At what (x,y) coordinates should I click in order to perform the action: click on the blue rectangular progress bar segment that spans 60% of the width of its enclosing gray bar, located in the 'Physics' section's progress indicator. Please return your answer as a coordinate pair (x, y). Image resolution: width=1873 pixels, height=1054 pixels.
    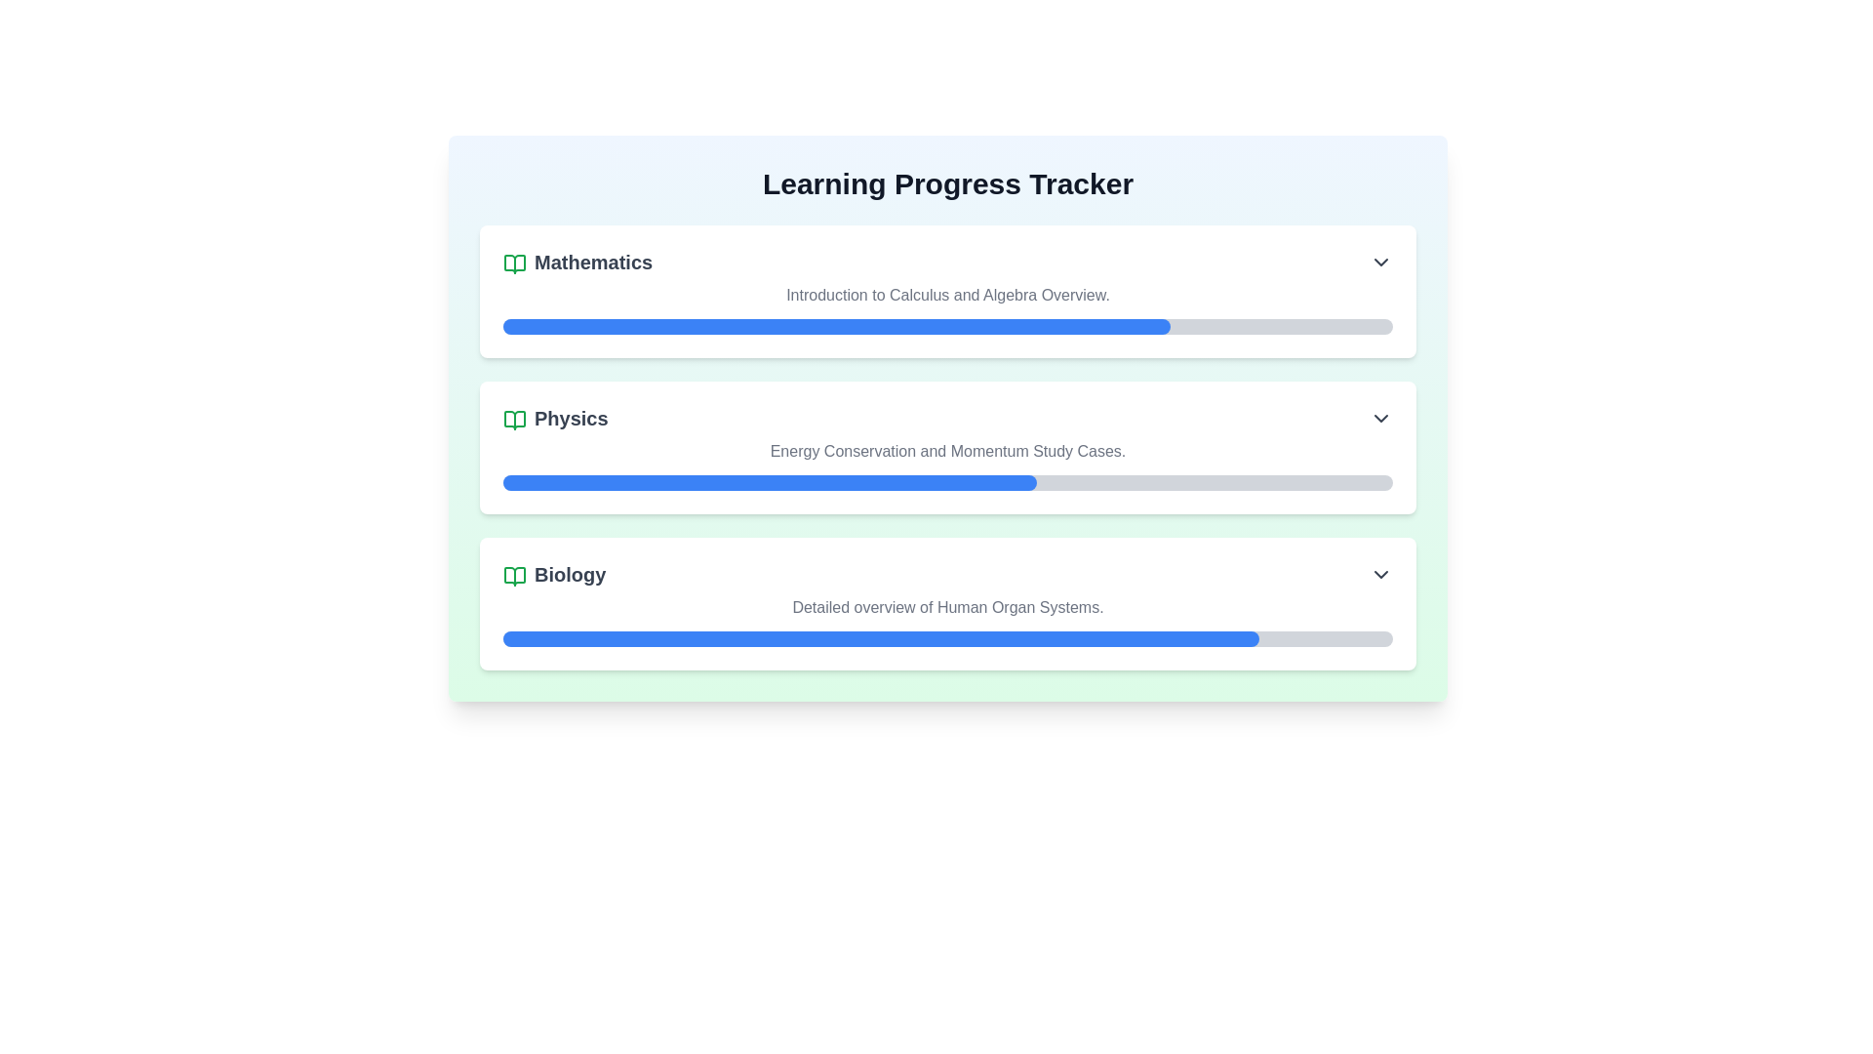
    Looking at the image, I should click on (769, 482).